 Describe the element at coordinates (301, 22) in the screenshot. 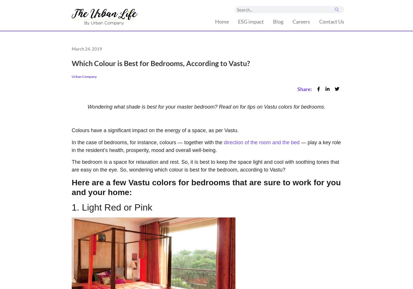

I see `'Careers'` at that location.